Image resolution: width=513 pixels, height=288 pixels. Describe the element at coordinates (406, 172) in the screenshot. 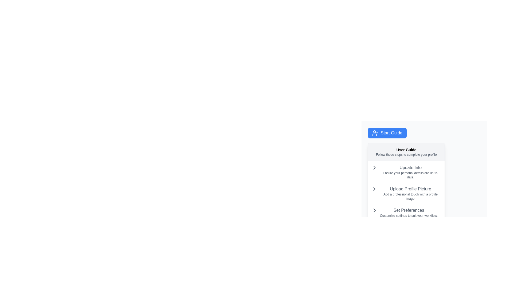

I see `the first clickable list item in the user guide section, which serves as an information update prompt and likely functions as a navigational link or button to edit personal details` at that location.